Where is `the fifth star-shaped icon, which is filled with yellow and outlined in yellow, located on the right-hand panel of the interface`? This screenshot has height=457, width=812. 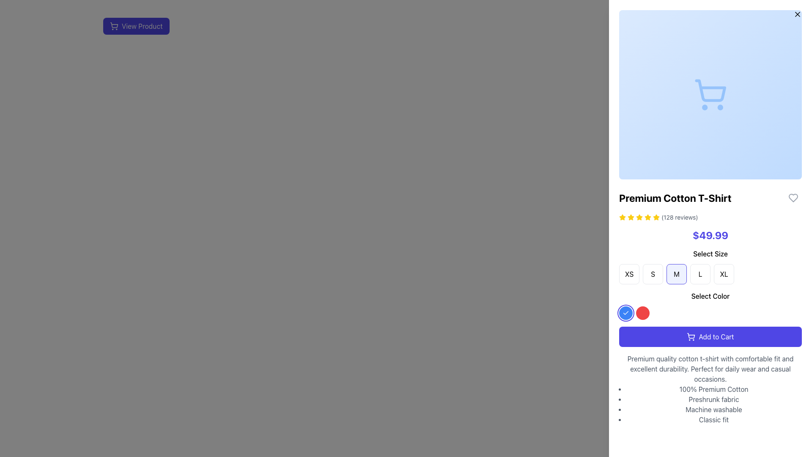
the fifth star-shaped icon, which is filled with yellow and outlined in yellow, located on the right-hand panel of the interface is located at coordinates (639, 217).